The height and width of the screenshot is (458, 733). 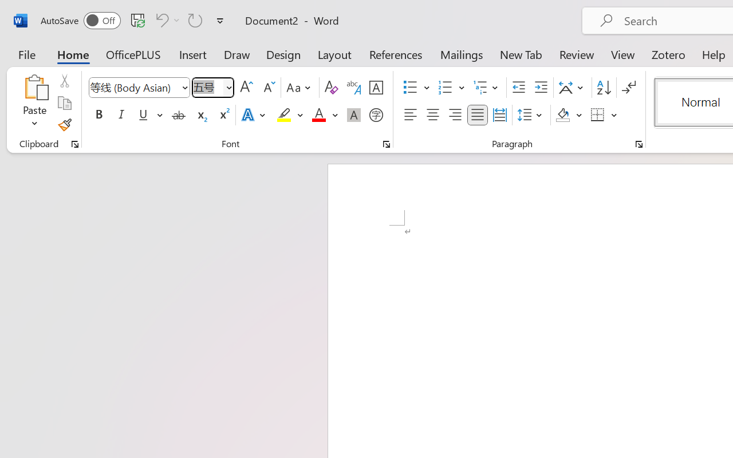 I want to click on 'Save', so click(x=137, y=19).